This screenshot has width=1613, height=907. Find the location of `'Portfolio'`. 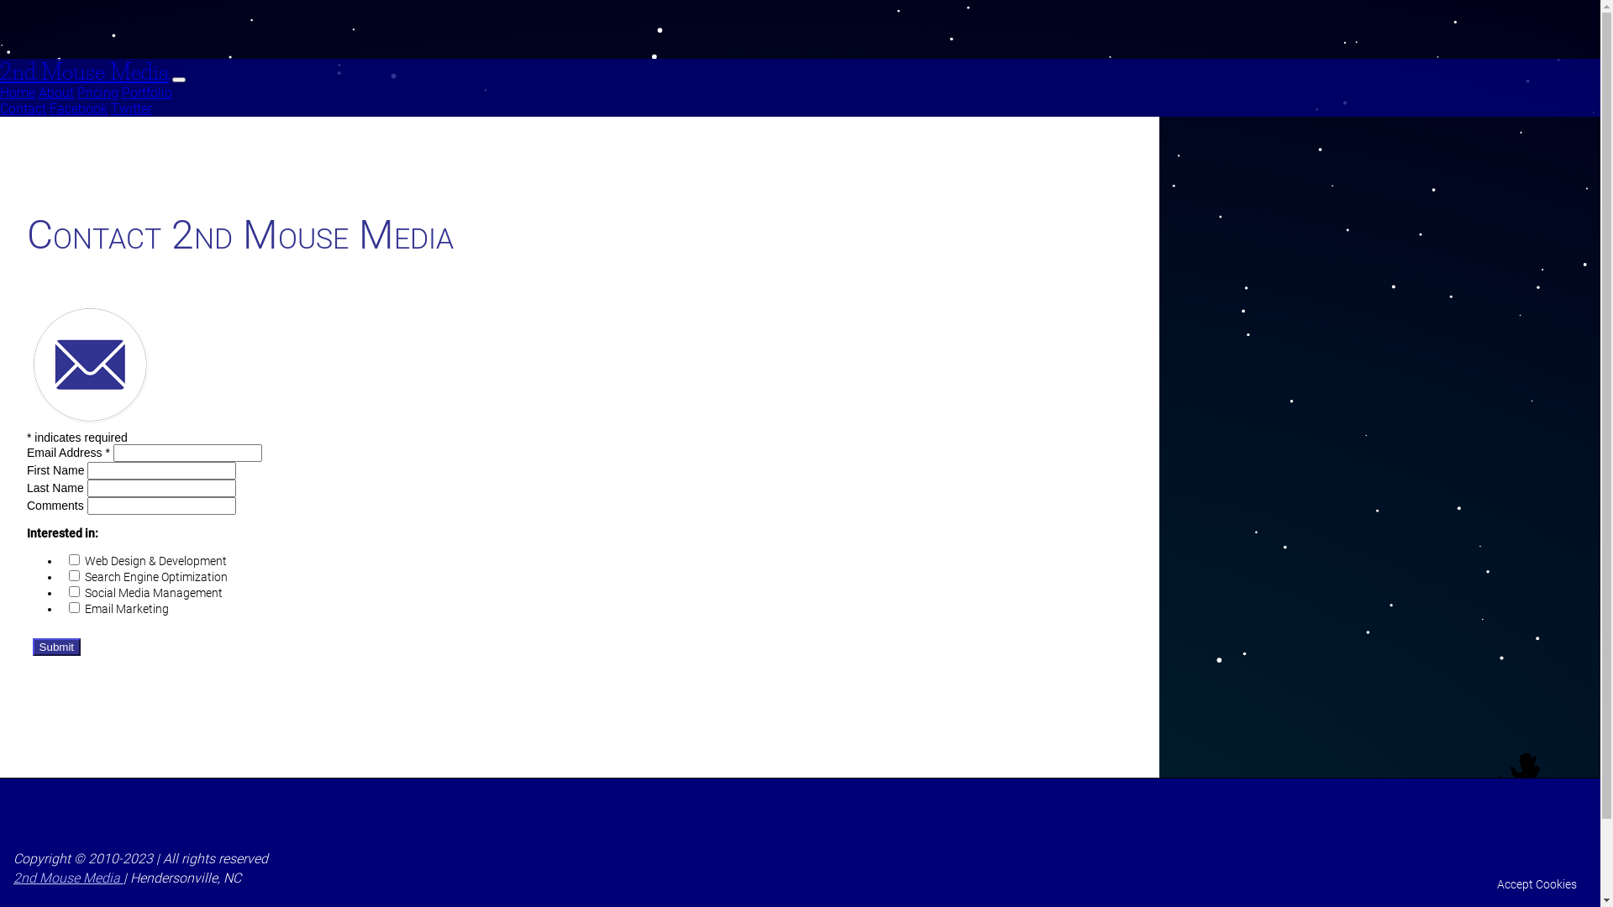

'Portfolio' is located at coordinates (146, 92).